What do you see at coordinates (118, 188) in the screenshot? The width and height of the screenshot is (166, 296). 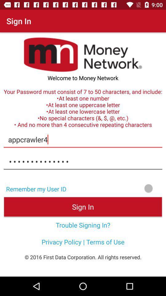 I see `the item on the right` at bounding box center [118, 188].